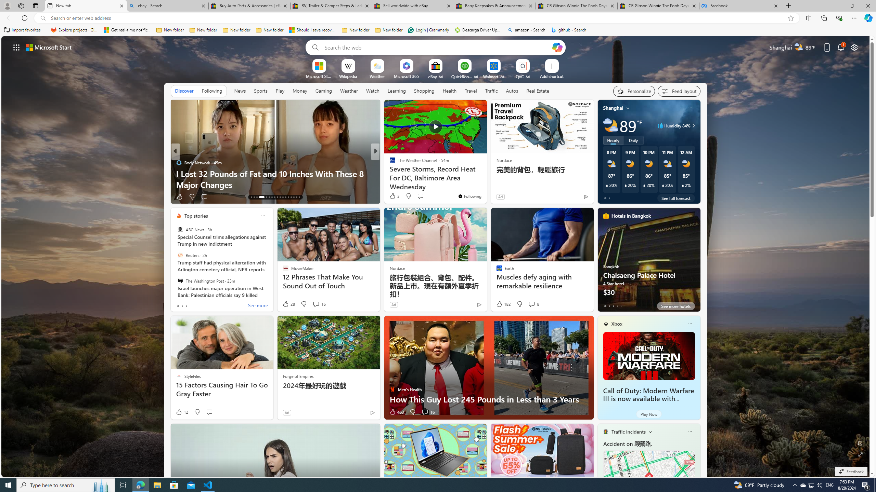 The image size is (876, 492). Describe the element at coordinates (209, 412) in the screenshot. I see `'Start the conversation'` at that location.